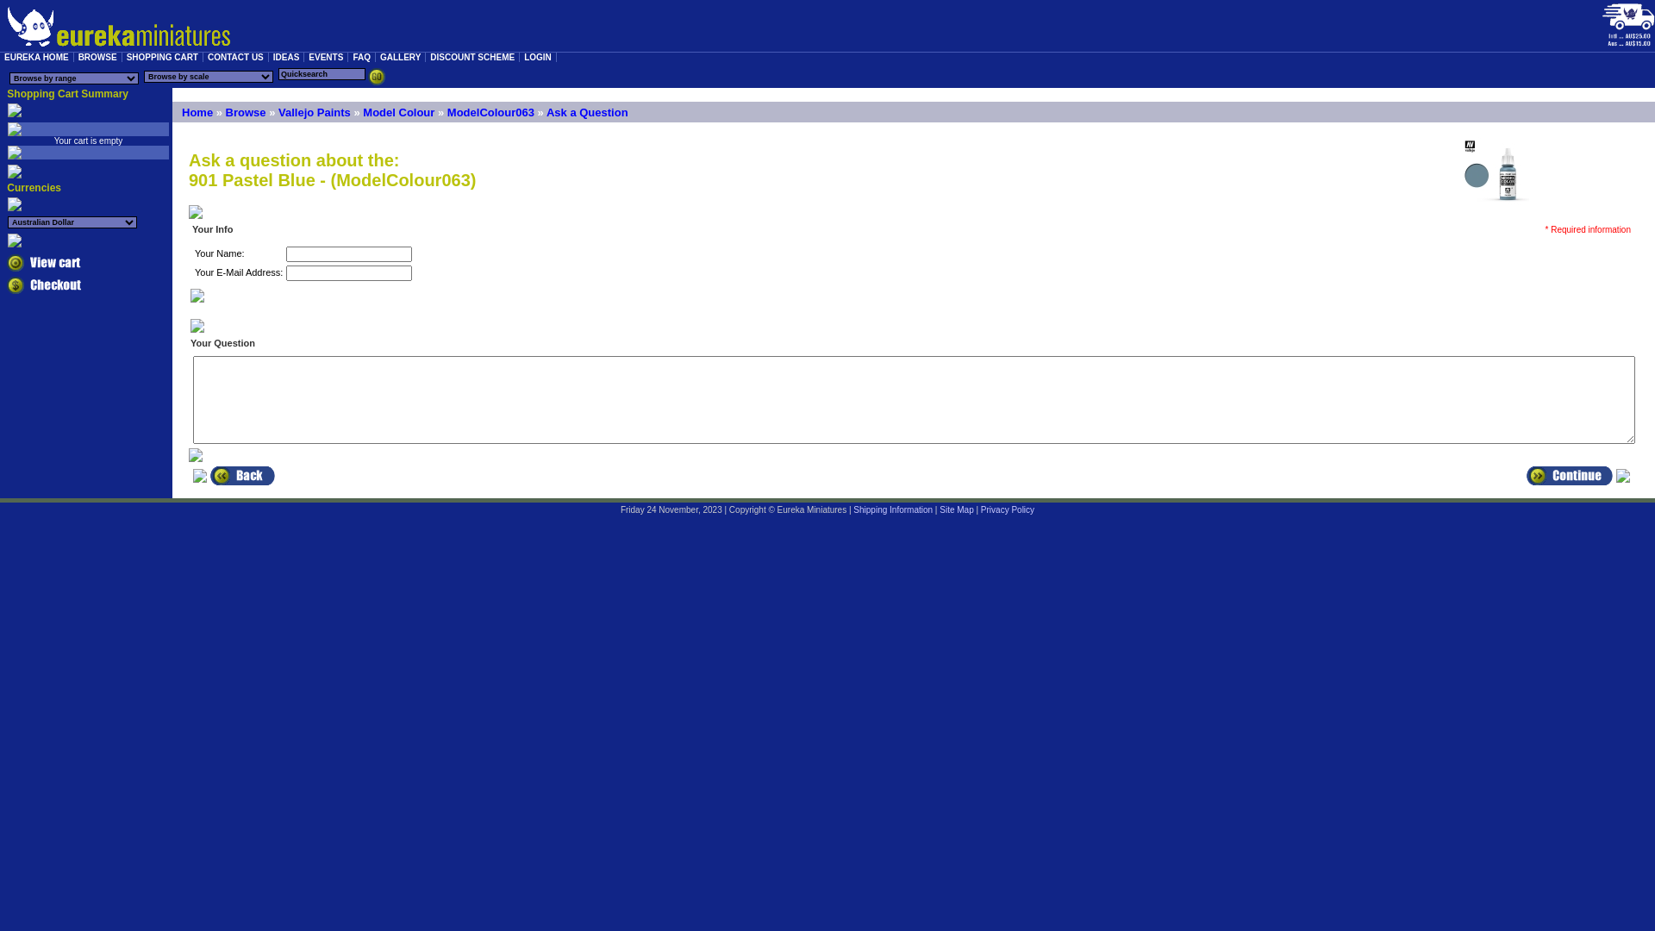  What do you see at coordinates (361, 56) in the screenshot?
I see `'FAQ'` at bounding box center [361, 56].